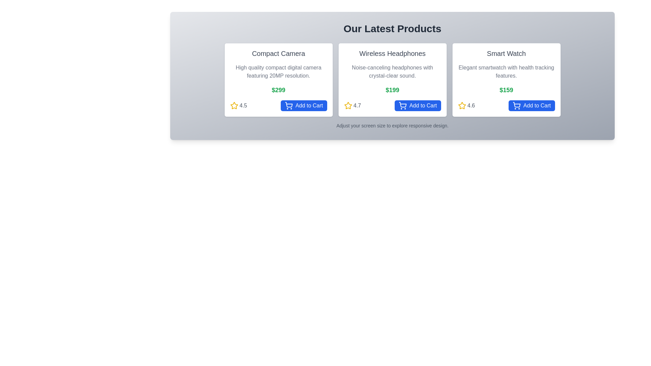 Image resolution: width=651 pixels, height=366 pixels. I want to click on the text label displaying the numerical rating of the product located in the right part of the central card, which is positioned immediately to the right of a yellow star icon and above a blue 'Add to Cart' button, so click(357, 106).